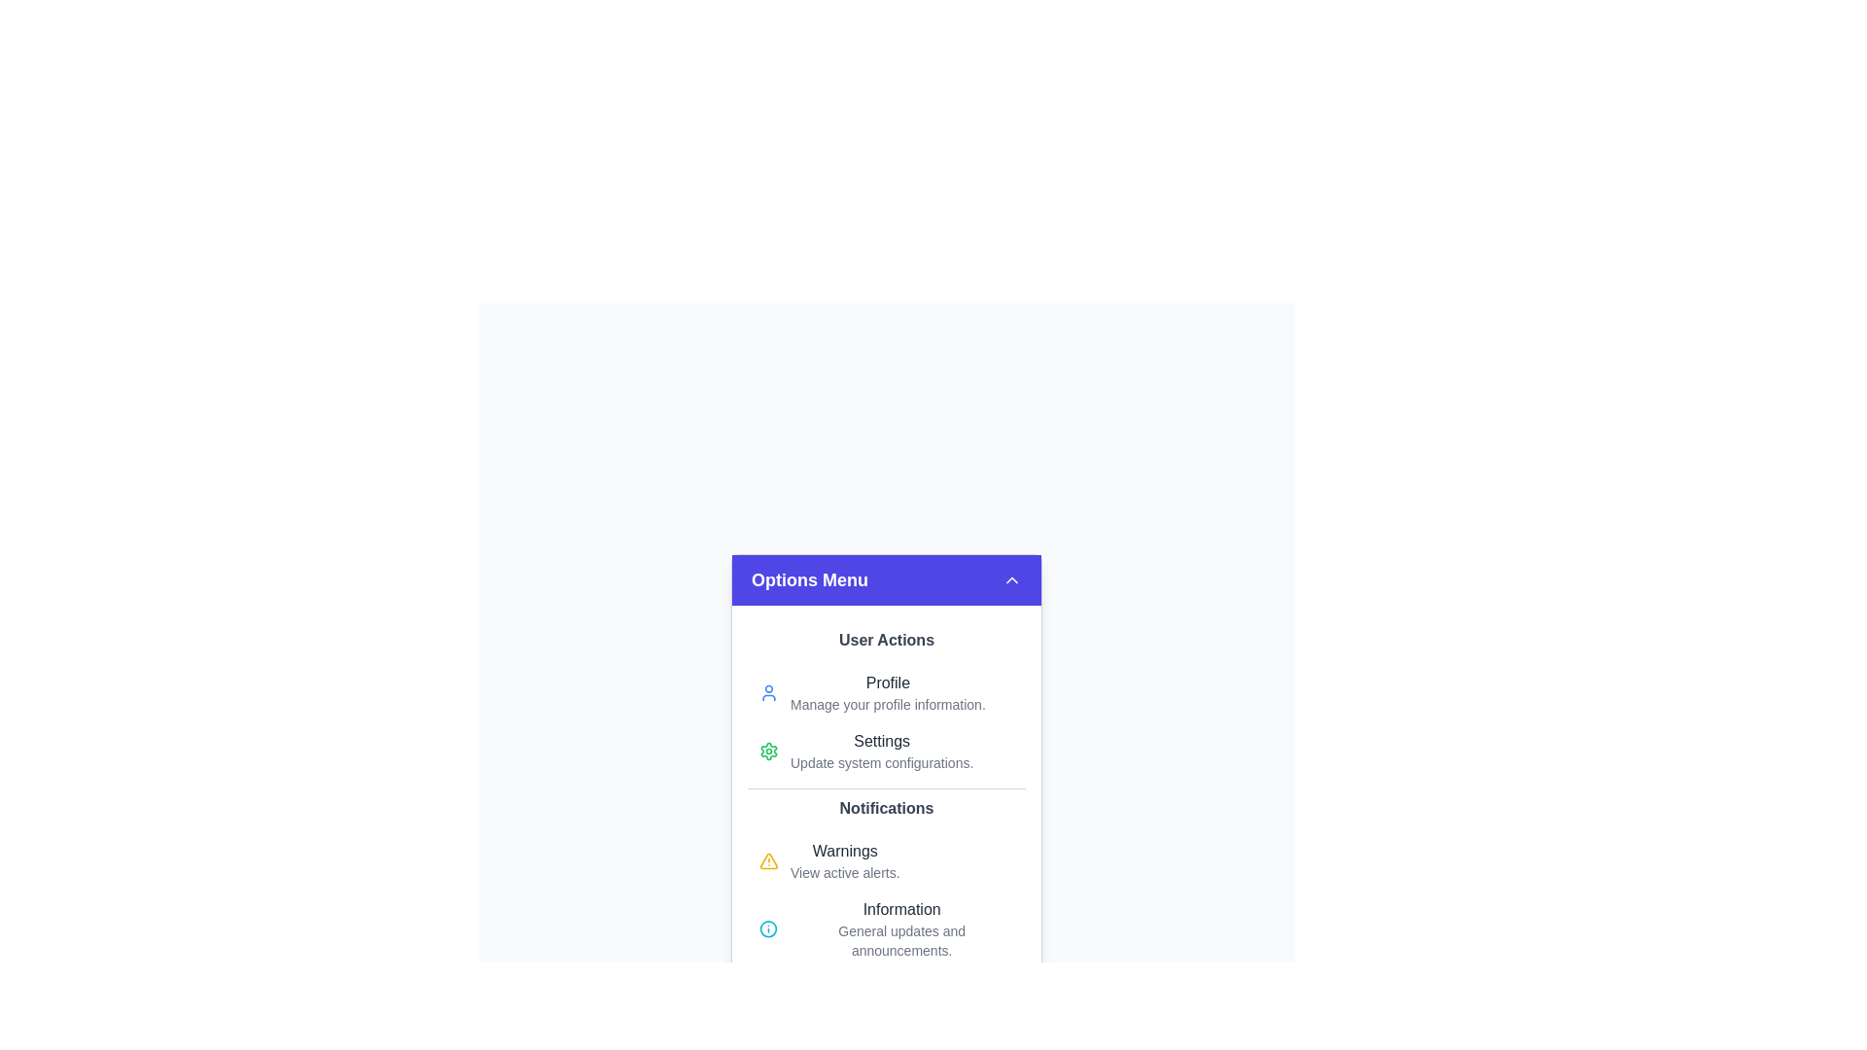 This screenshot has height=1050, width=1867. Describe the element at coordinates (886, 579) in the screenshot. I see `the 'Options Menu' dropdown toggle button with a purple background` at that location.